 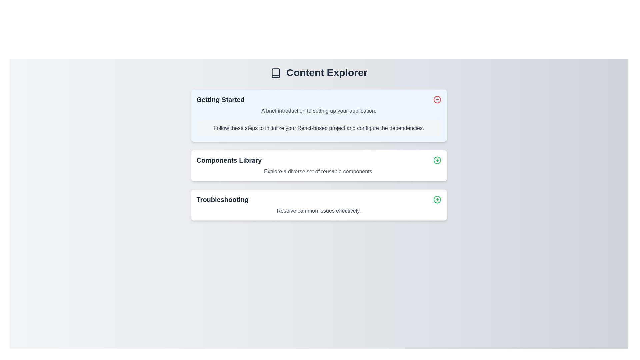 What do you see at coordinates (318, 205) in the screenshot?
I see `the third card component in the vertically stacked sequence` at bounding box center [318, 205].